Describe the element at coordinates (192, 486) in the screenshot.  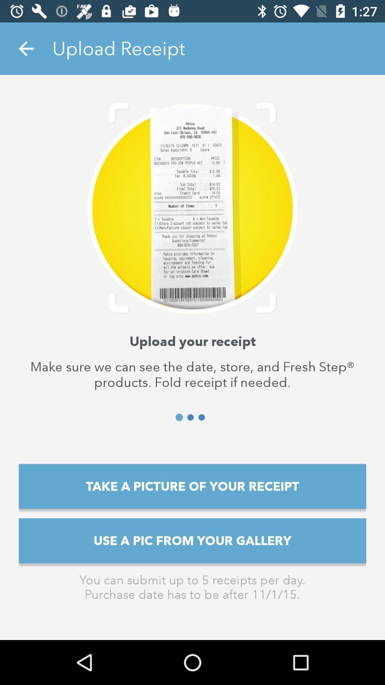
I see `the take a picture icon` at that location.